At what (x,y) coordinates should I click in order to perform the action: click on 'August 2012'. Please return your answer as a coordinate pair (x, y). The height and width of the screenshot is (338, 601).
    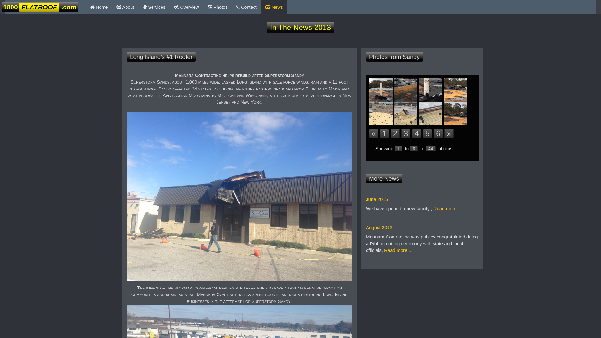
    Looking at the image, I should click on (378, 227).